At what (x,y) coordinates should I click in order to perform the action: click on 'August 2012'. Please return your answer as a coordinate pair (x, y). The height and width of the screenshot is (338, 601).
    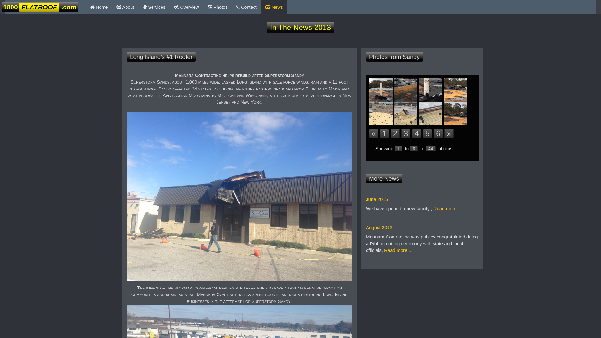
    Looking at the image, I should click on (378, 227).